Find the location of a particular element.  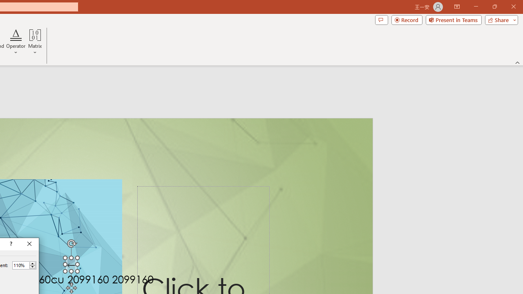

'Matrix' is located at coordinates (35, 42).